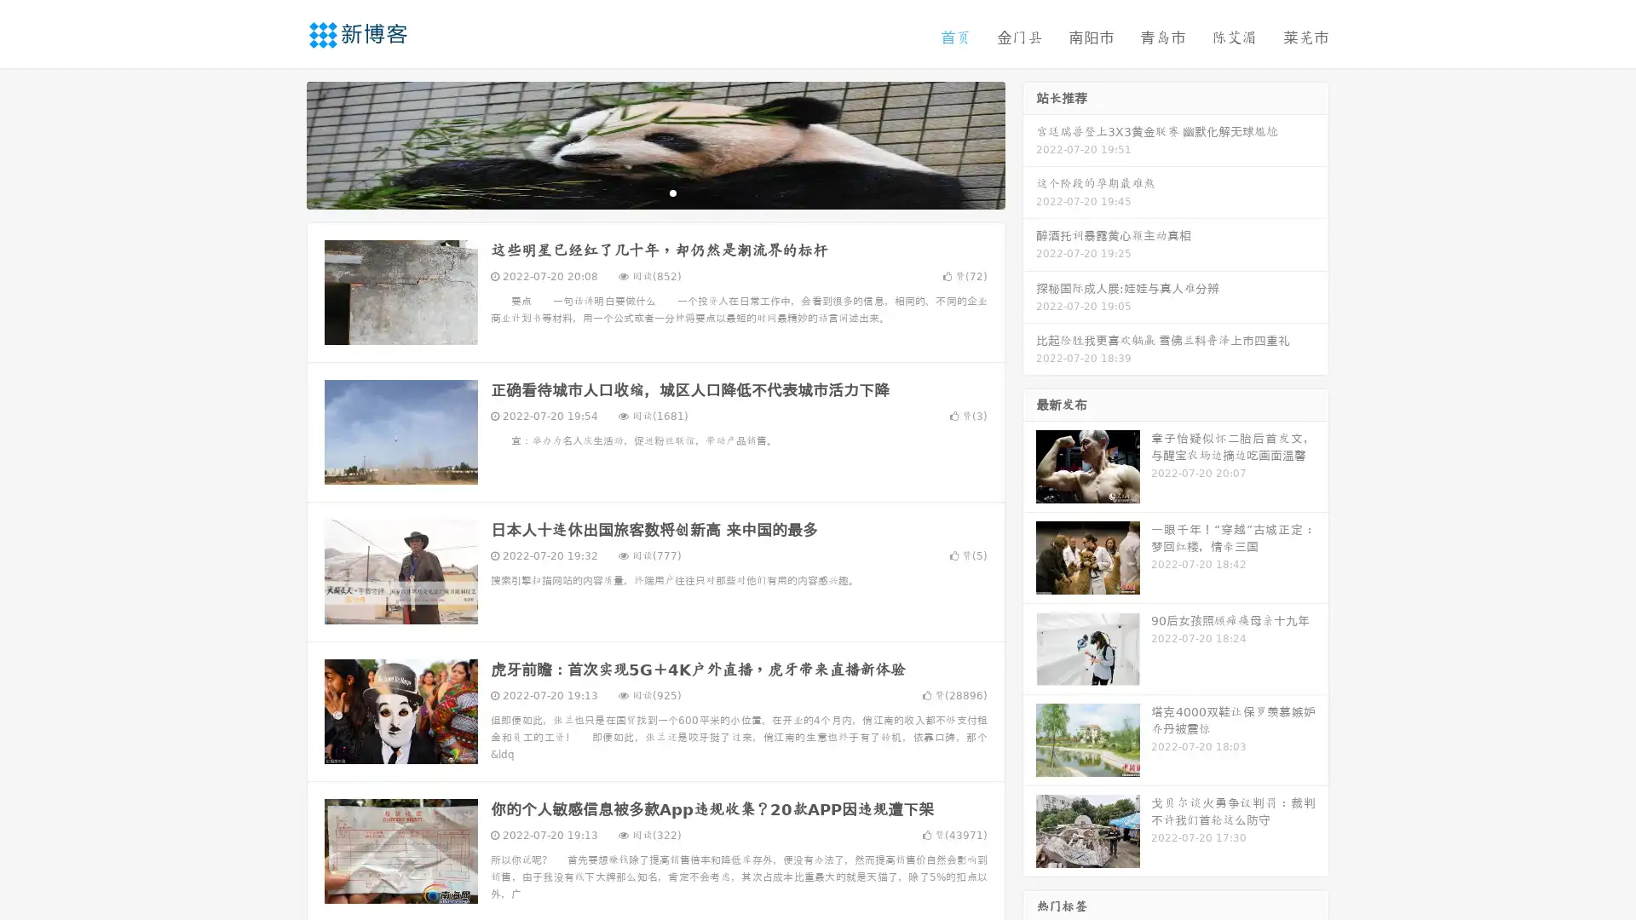 This screenshot has height=920, width=1636. What do you see at coordinates (637, 192) in the screenshot?
I see `Go to slide 1` at bounding box center [637, 192].